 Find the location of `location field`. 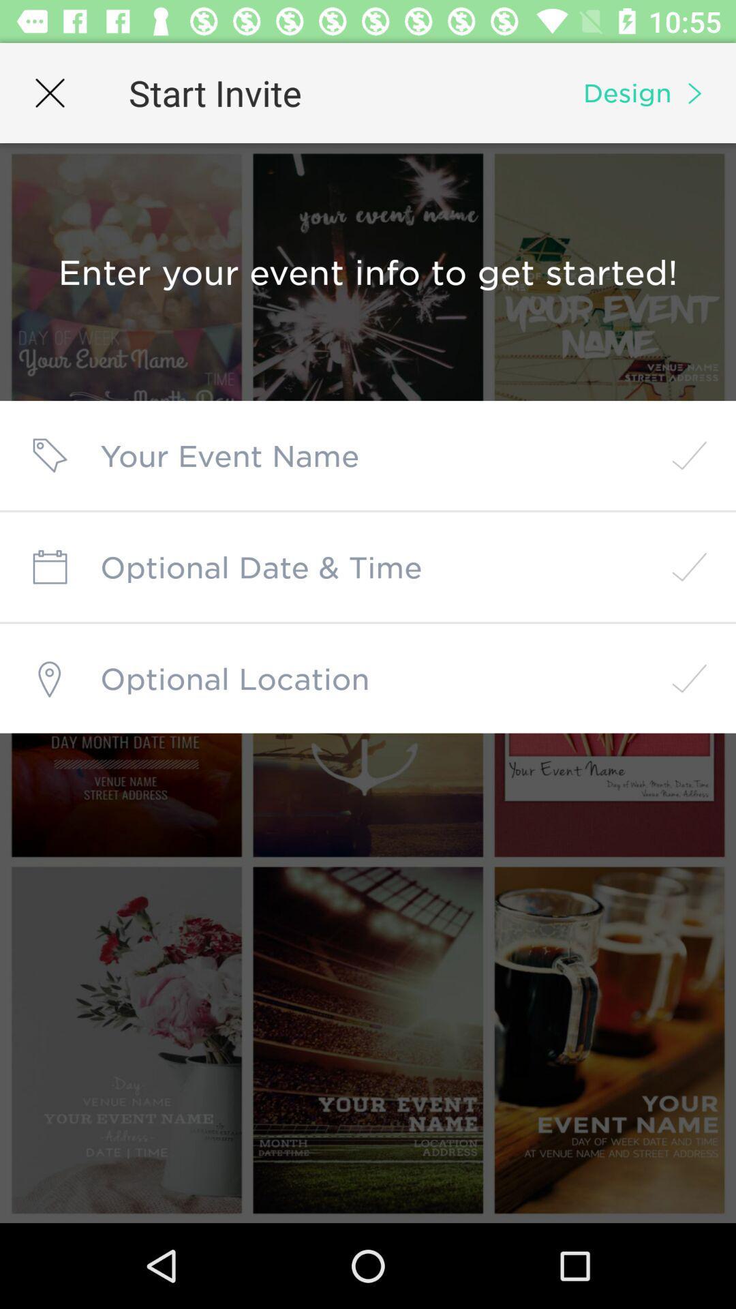

location field is located at coordinates (368, 678).